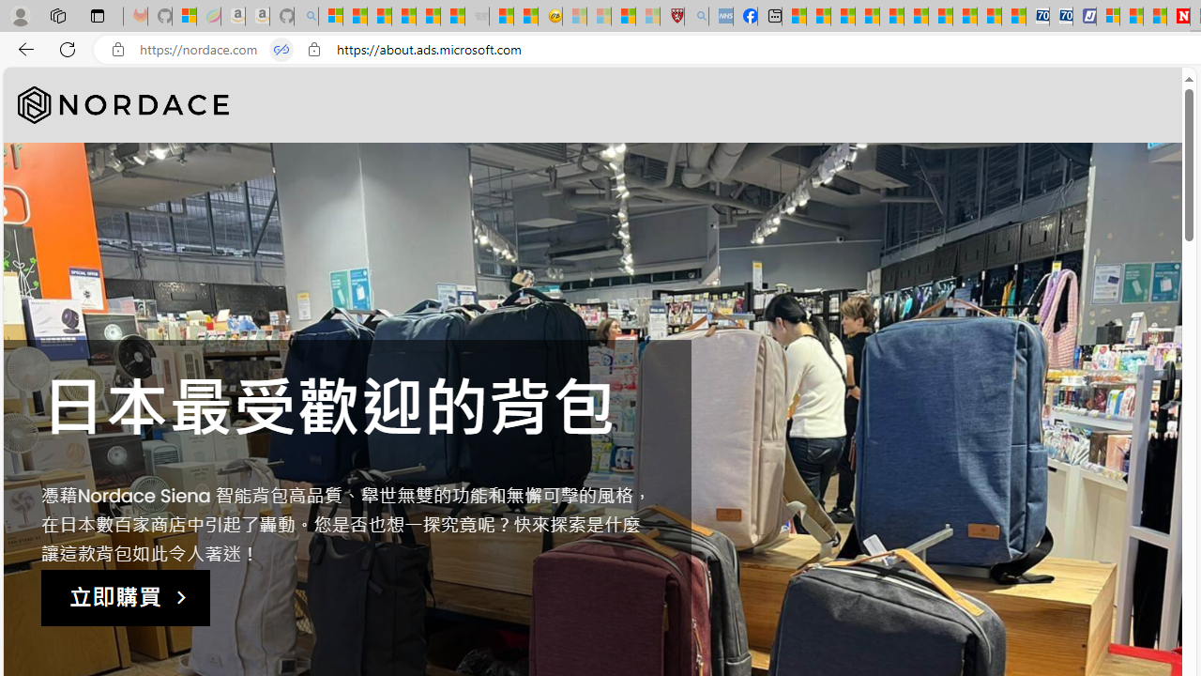  I want to click on 'Robert H. Shmerling, MD - Harvard Health', so click(672, 16).